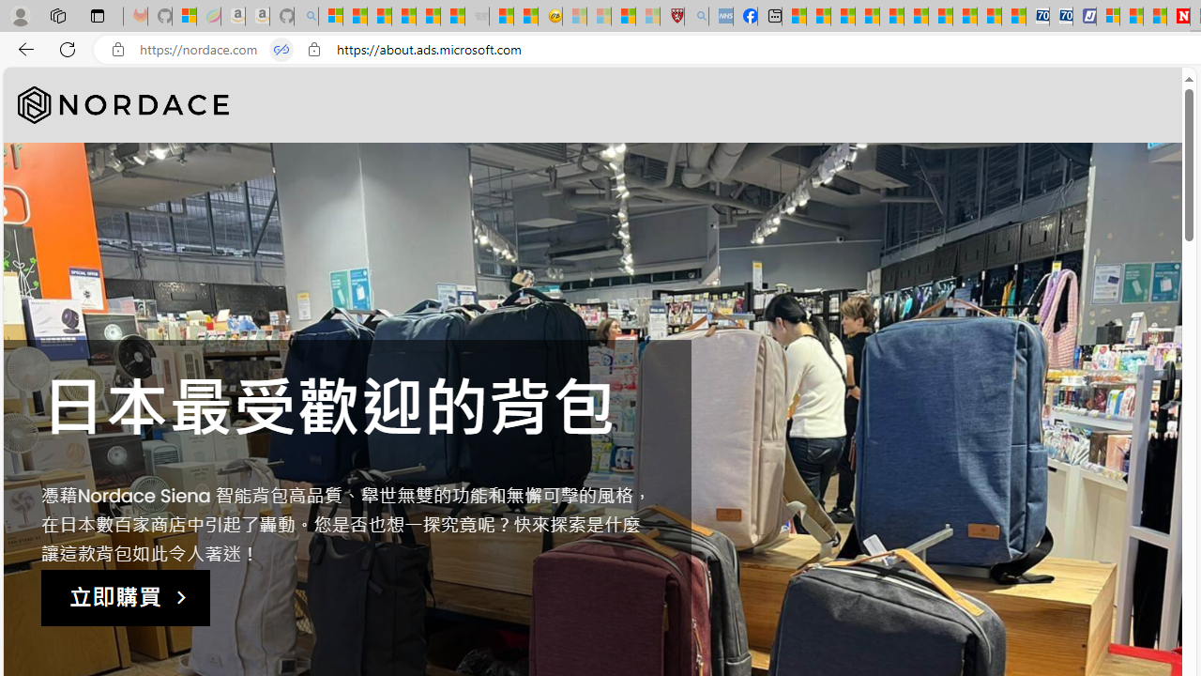  I want to click on 'Robert H. Shmerling, MD - Harvard Health', so click(672, 16).